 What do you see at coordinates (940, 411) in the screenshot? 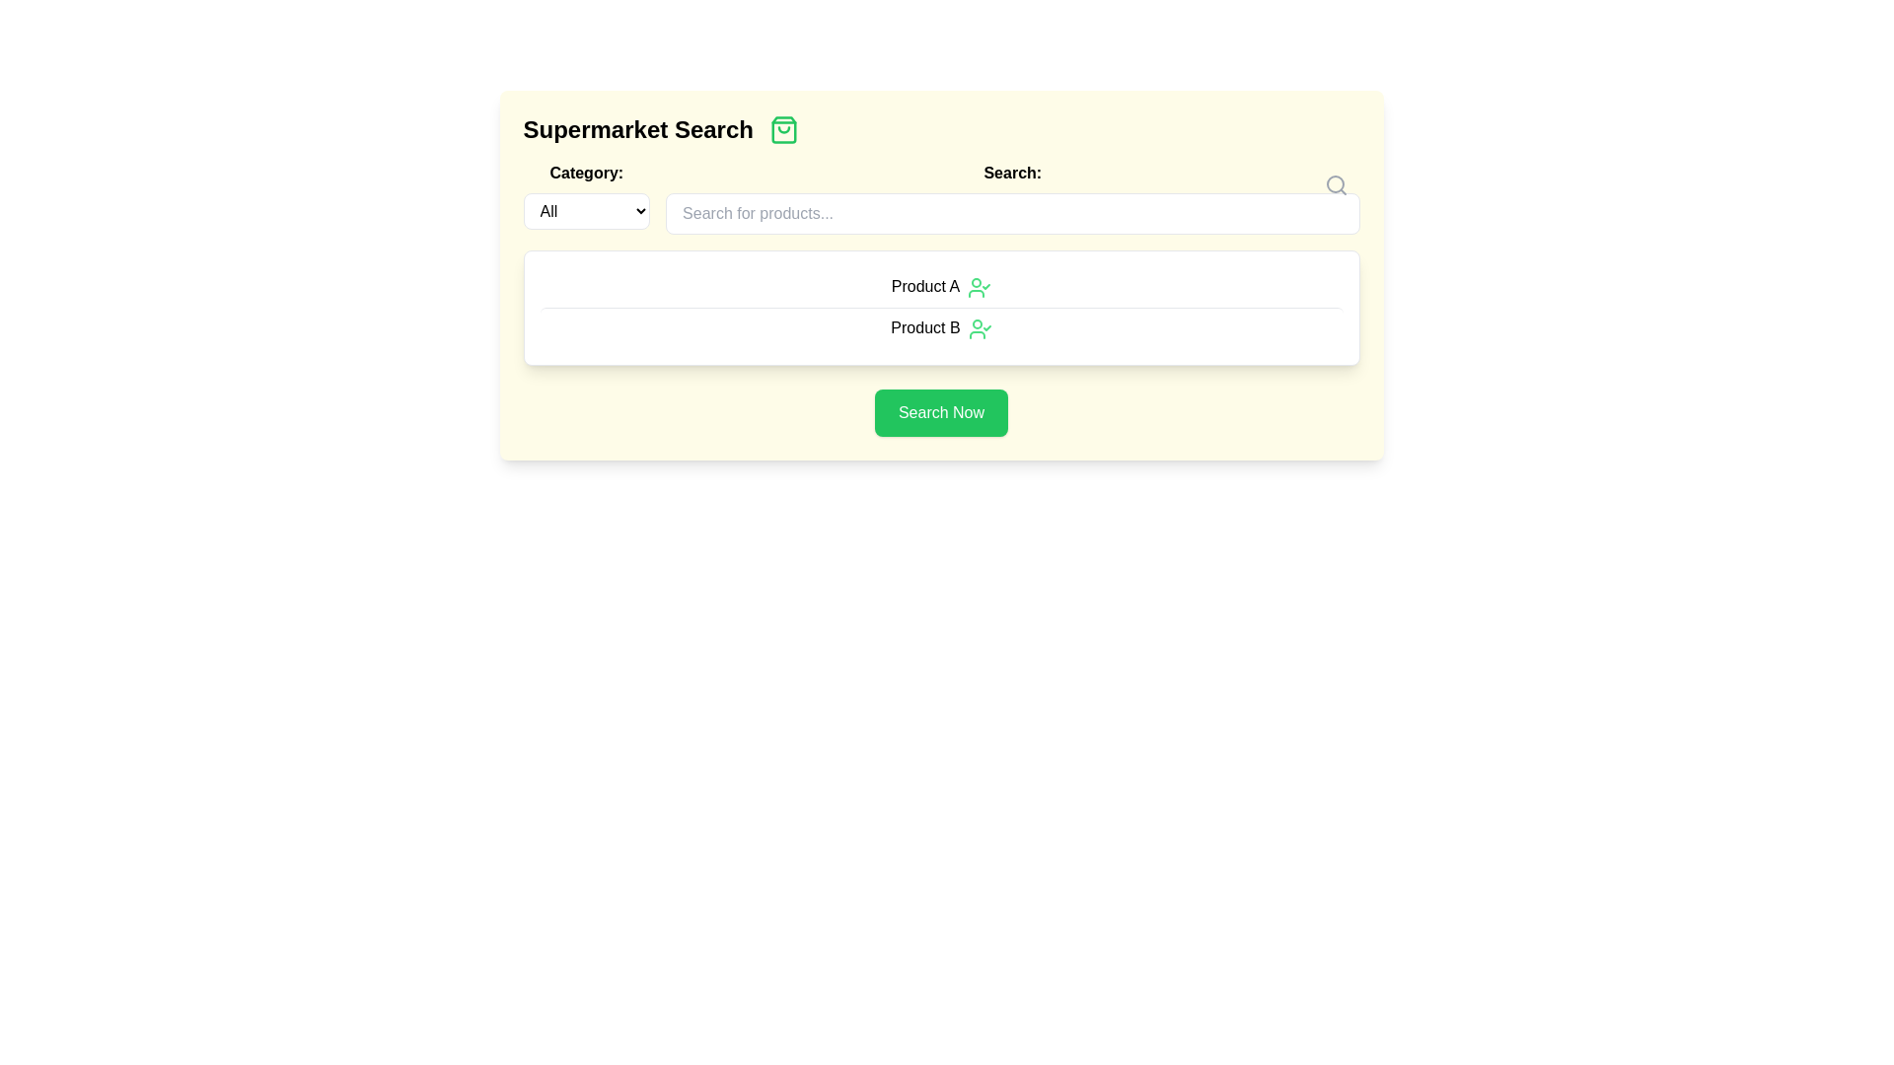
I see `the green 'Search Now' button located at the center-bottom part of the interface` at bounding box center [940, 411].